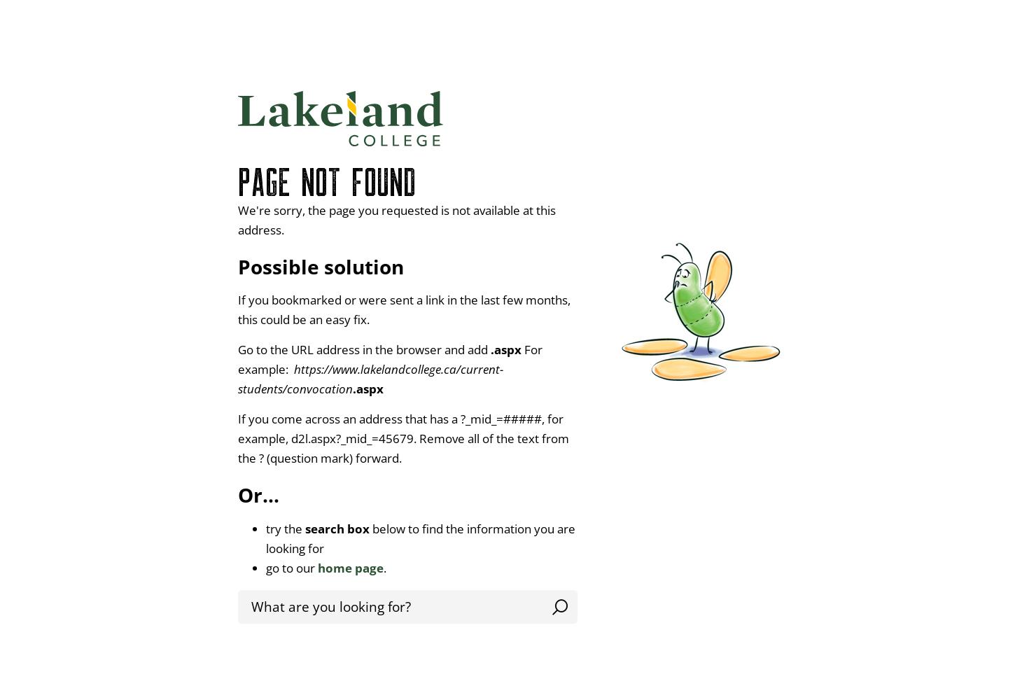  What do you see at coordinates (336, 528) in the screenshot?
I see `'search box'` at bounding box center [336, 528].